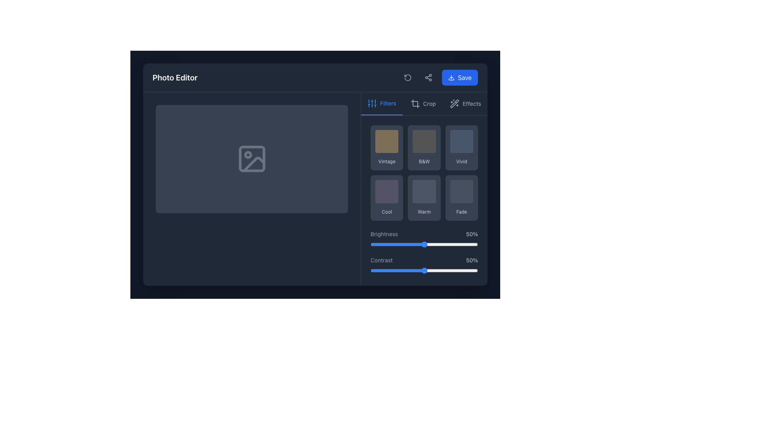 The height and width of the screenshot is (428, 761). What do you see at coordinates (374, 270) in the screenshot?
I see `the contrast` at bounding box center [374, 270].